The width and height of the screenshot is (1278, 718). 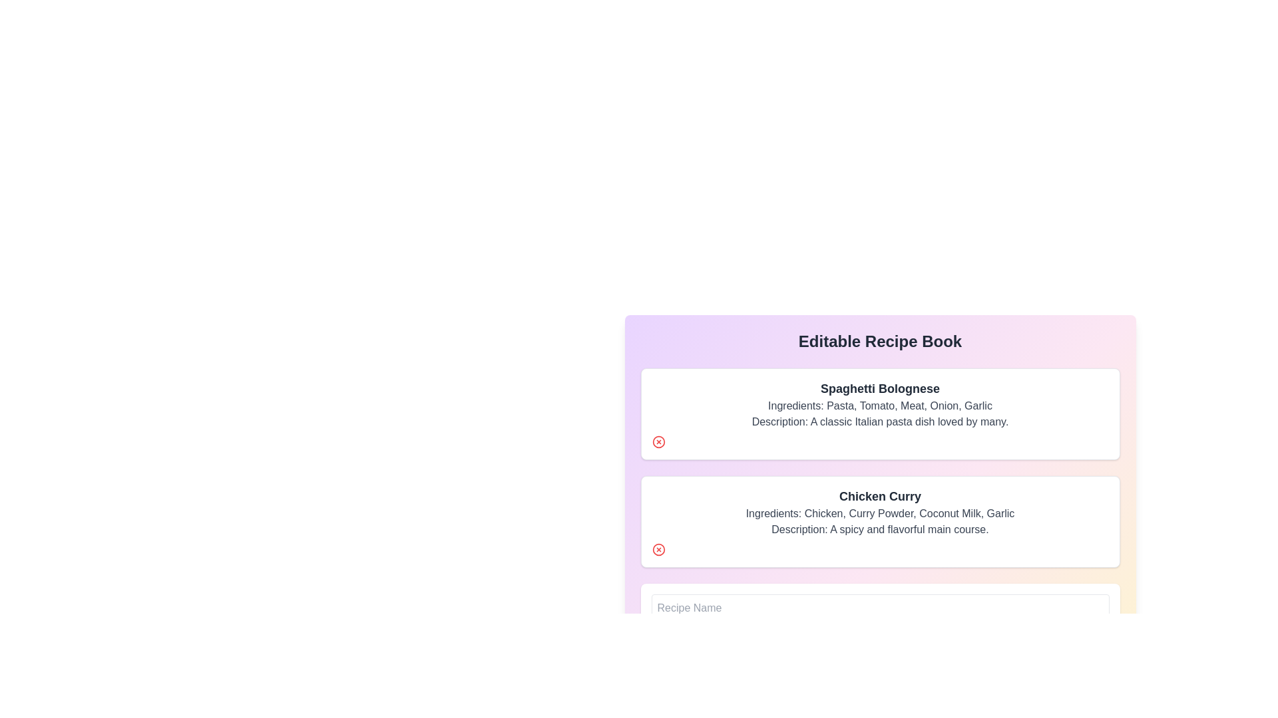 I want to click on the Informational Text Block displaying recipe details, which is located in the second card of the recipe descriptions, enclosed in a white background with rounded corners, so click(x=880, y=512).